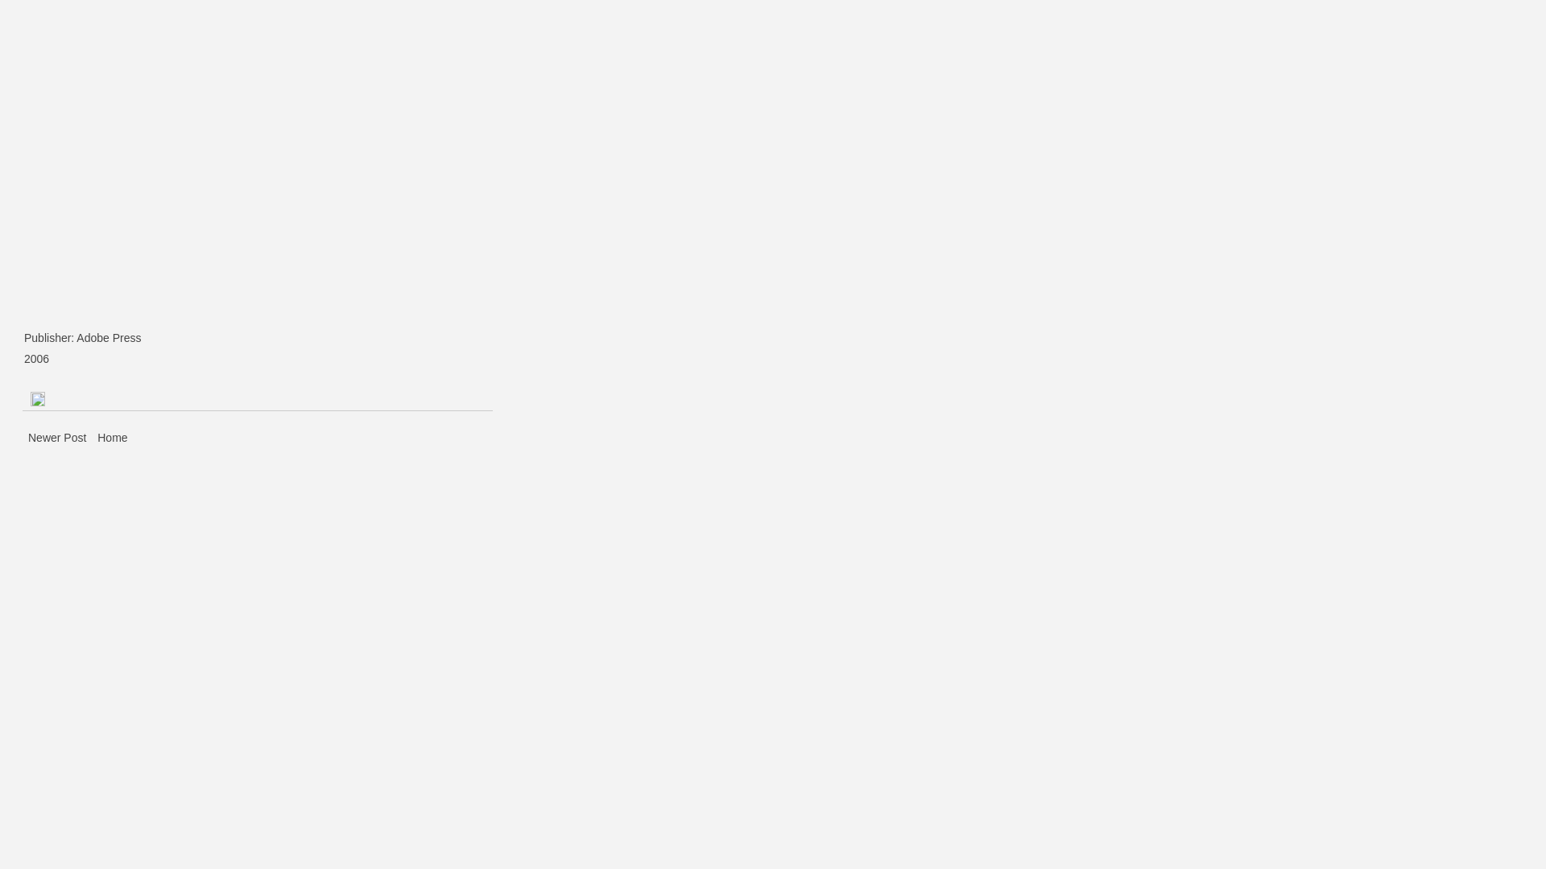 This screenshot has height=869, width=1546. I want to click on 'Home', so click(111, 437).